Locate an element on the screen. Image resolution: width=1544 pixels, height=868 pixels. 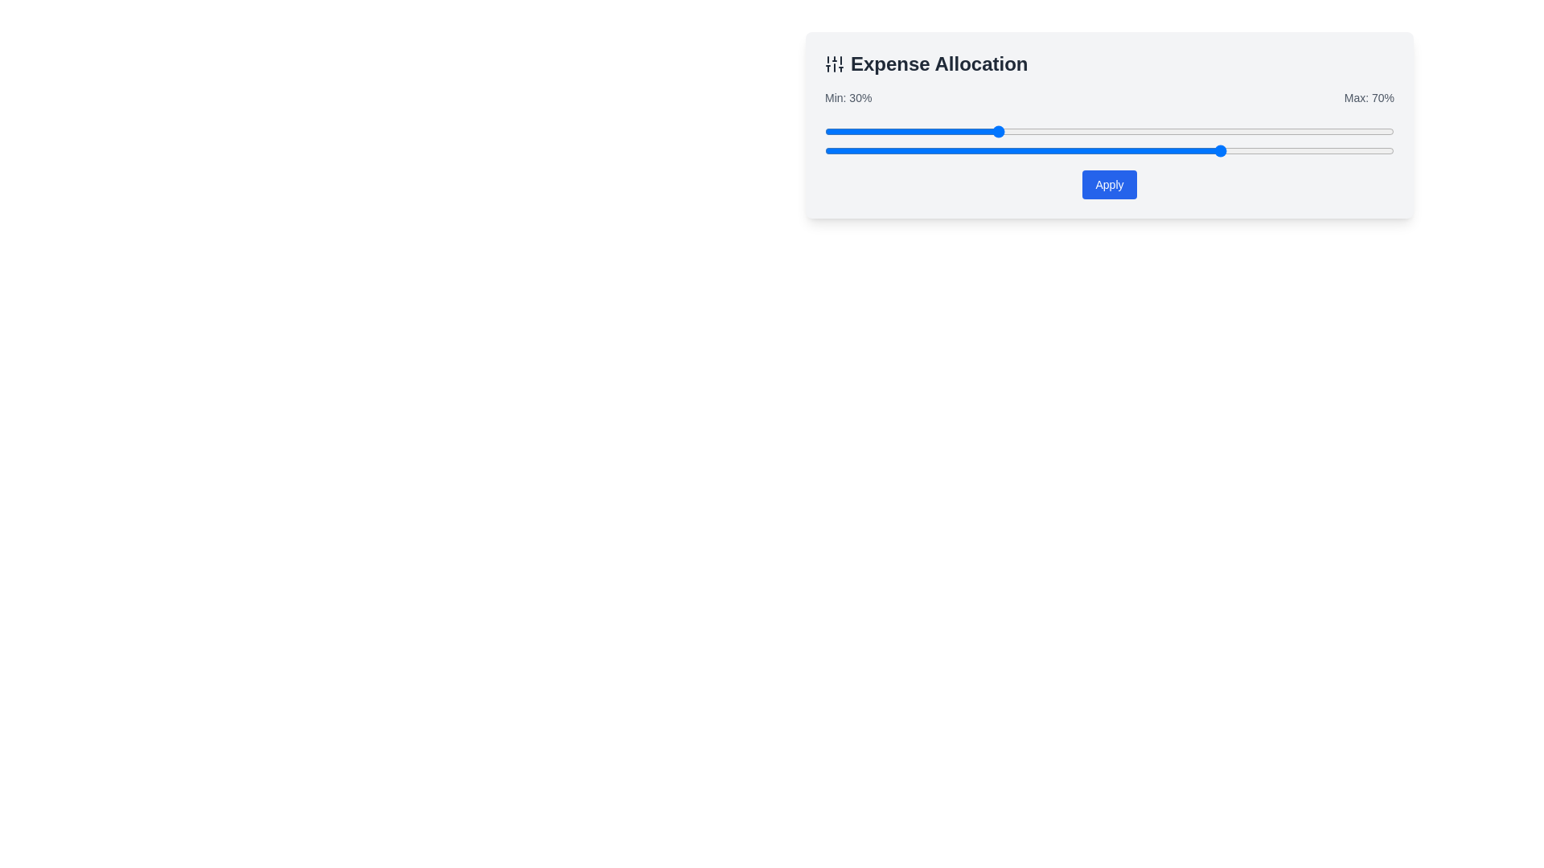
the slider's value is located at coordinates (1058, 151).